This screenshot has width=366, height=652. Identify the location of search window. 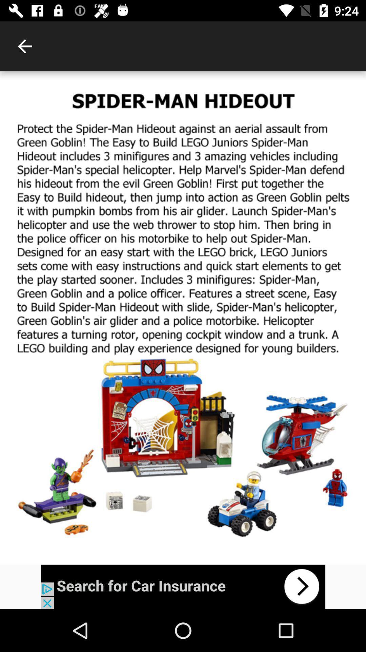
(183, 586).